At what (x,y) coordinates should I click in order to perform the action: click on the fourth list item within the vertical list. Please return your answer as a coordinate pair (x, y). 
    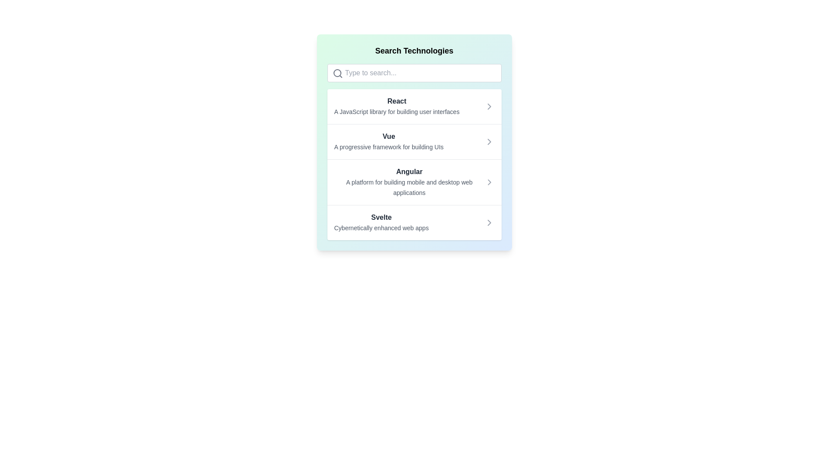
    Looking at the image, I should click on (414, 222).